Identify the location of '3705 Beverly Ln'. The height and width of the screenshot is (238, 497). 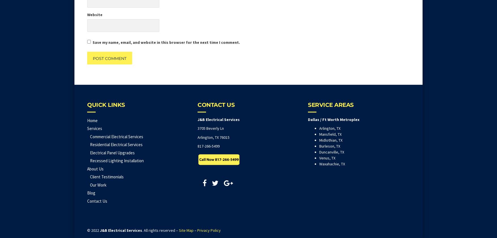
(211, 128).